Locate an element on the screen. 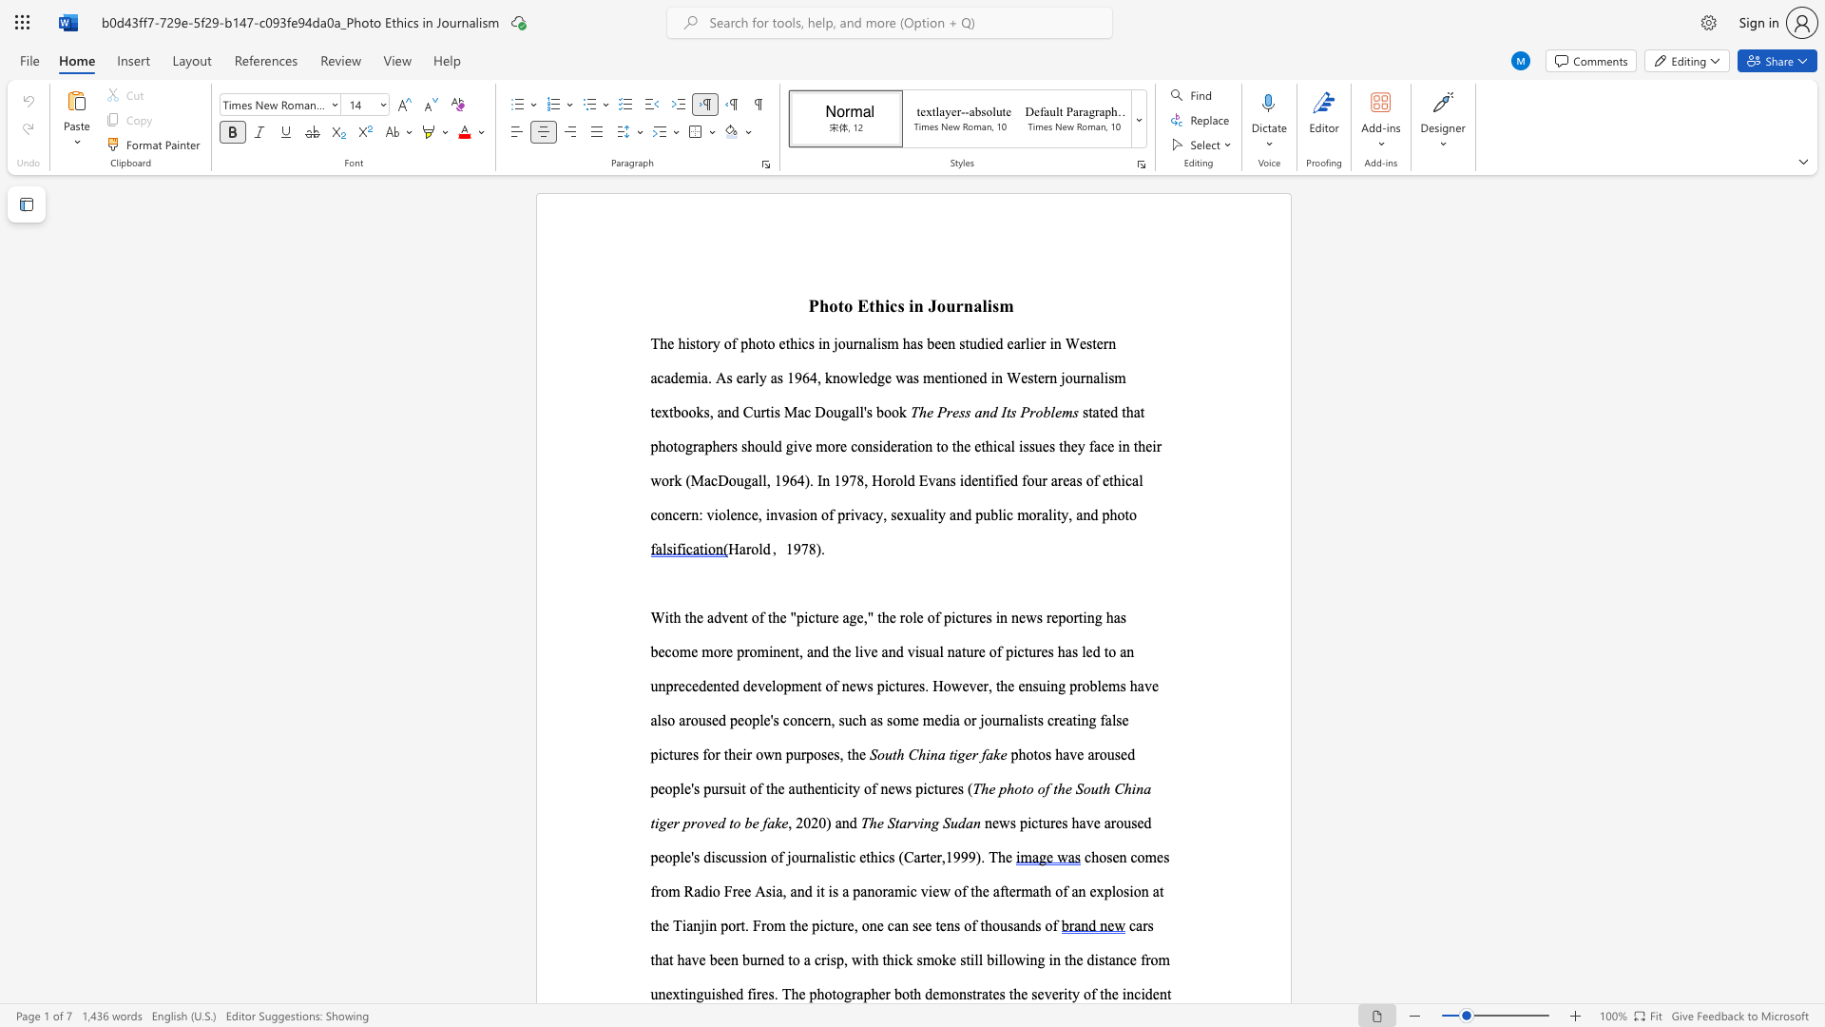 The image size is (1825, 1027). the 1th character ")" in the text is located at coordinates (818, 549).